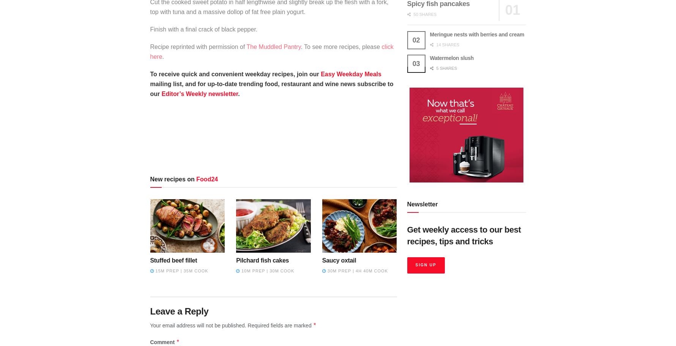  Describe the element at coordinates (338, 260) in the screenshot. I see `'Saucy oxtail'` at that location.